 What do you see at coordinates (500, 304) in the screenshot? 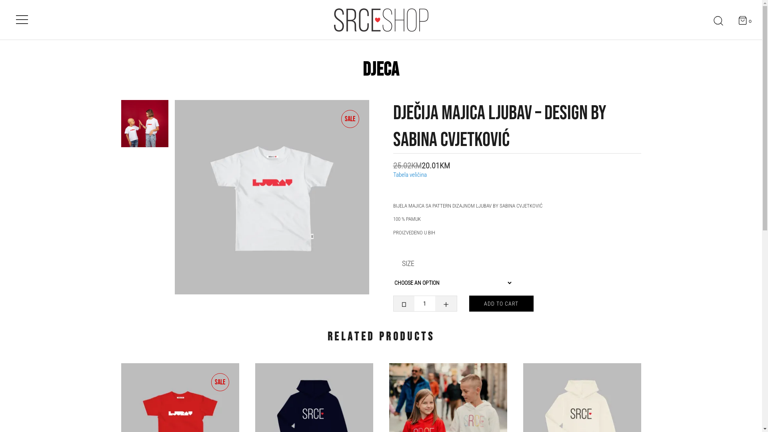
I see `'ADD TO CART'` at bounding box center [500, 304].